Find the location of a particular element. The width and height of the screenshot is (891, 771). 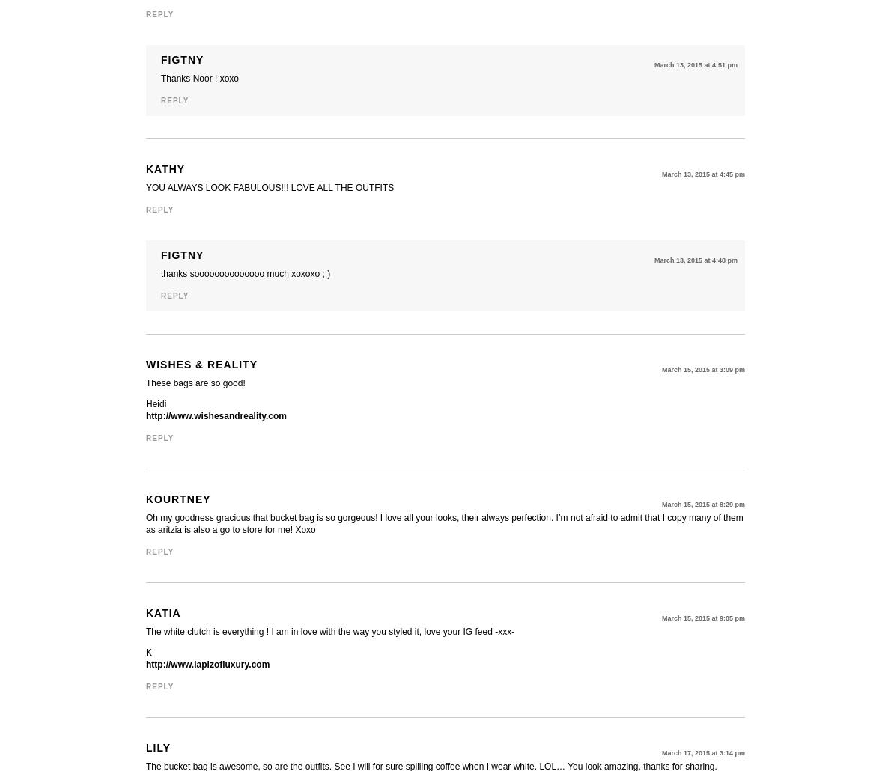

'http://www.lapizofluxury.com' is located at coordinates (145, 664).